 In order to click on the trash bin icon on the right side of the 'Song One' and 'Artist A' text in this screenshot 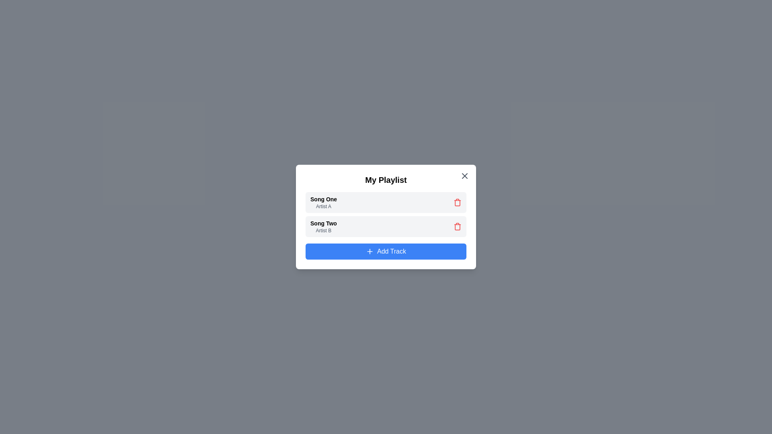, I will do `click(457, 202)`.